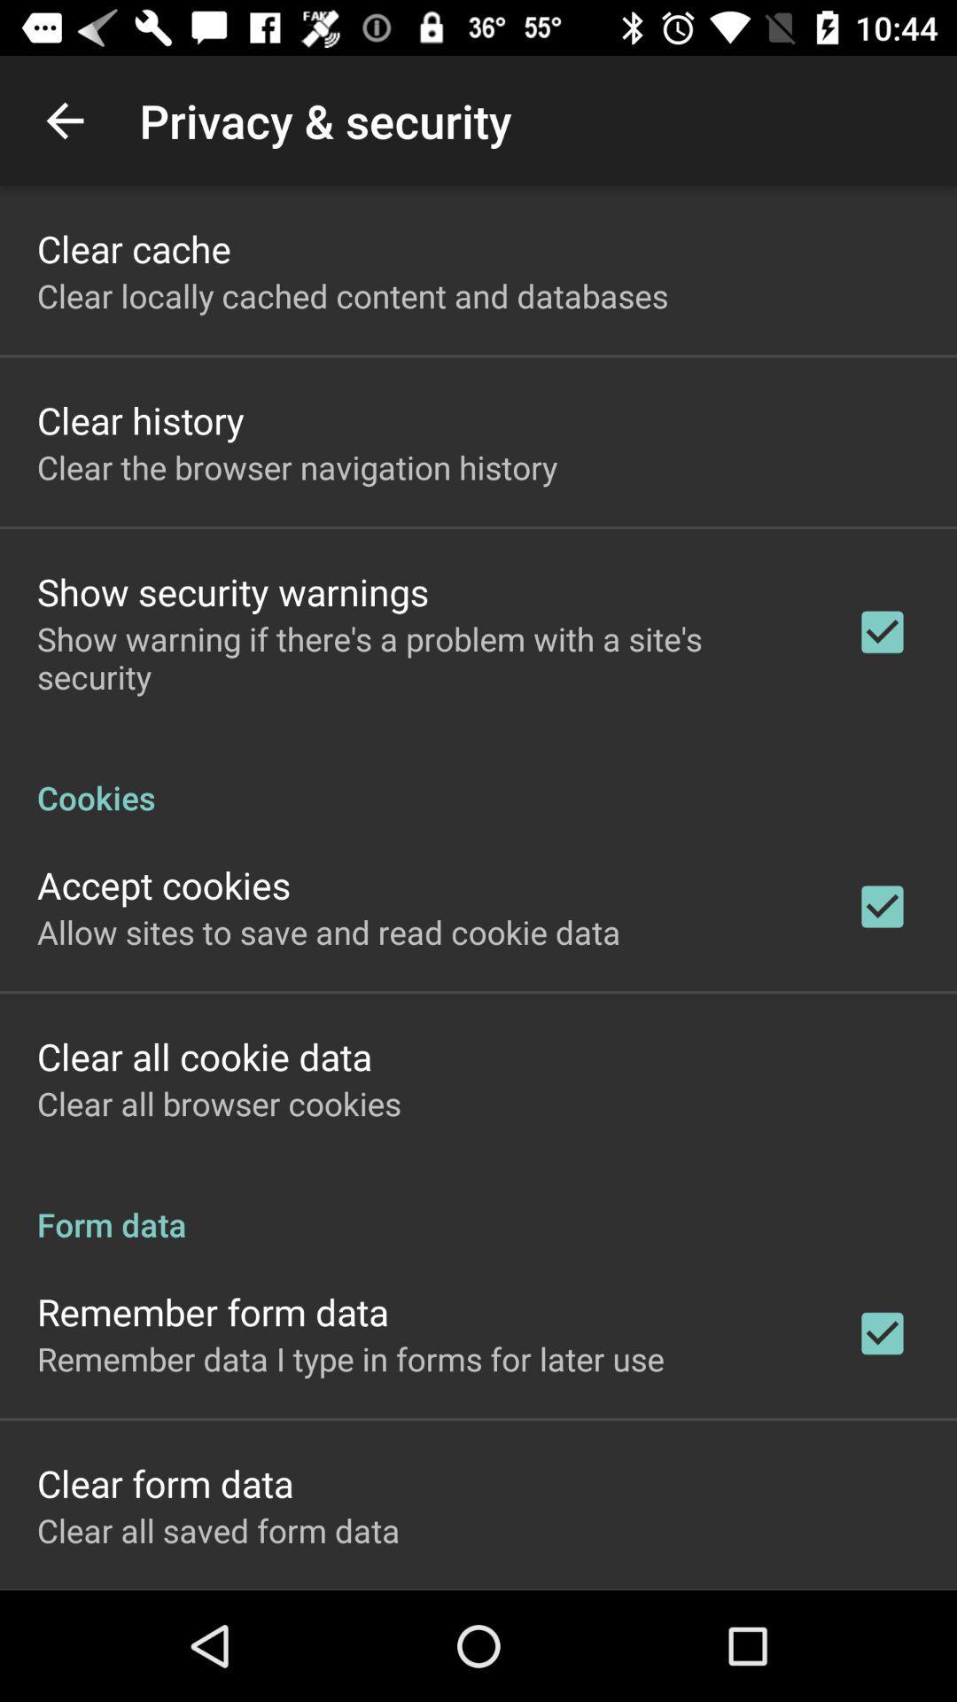 The height and width of the screenshot is (1702, 957). What do you see at coordinates (164, 885) in the screenshot?
I see `the app above the allow sites to icon` at bounding box center [164, 885].